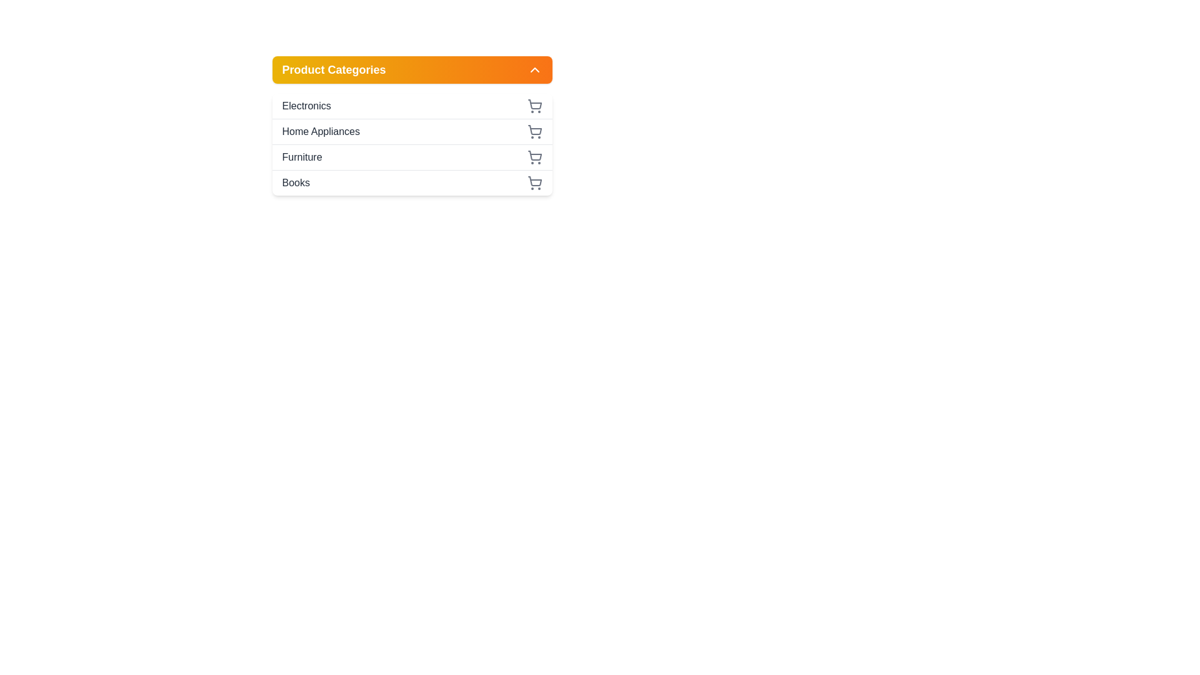  What do you see at coordinates (534, 69) in the screenshot?
I see `the upward-pointing arrow icon located at the top-right corner of the 'Product Categories' section` at bounding box center [534, 69].